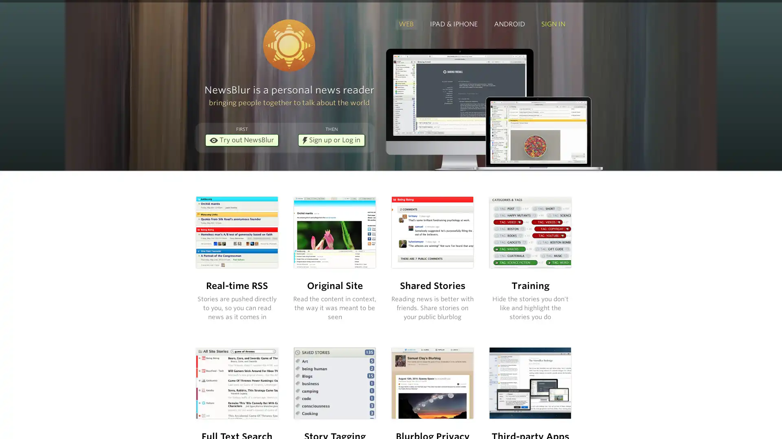 This screenshot has width=782, height=439. Describe the element at coordinates (523, 252) in the screenshot. I see `create account` at that location.